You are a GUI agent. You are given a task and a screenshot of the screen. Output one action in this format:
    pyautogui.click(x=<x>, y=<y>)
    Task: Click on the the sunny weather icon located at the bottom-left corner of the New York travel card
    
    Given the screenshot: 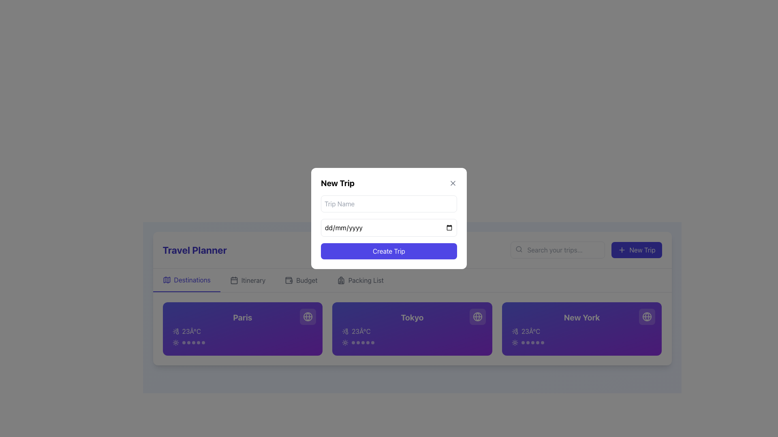 What is the action you would take?
    pyautogui.click(x=514, y=343)
    